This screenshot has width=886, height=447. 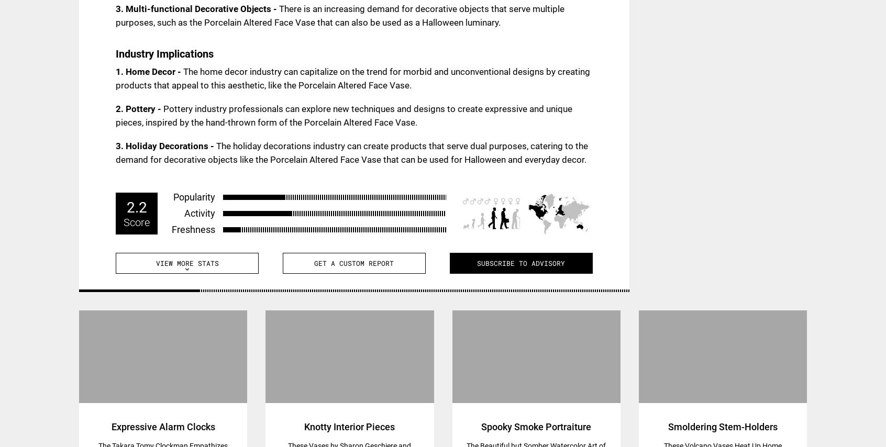 I want to click on 'expand_more', so click(x=183, y=269).